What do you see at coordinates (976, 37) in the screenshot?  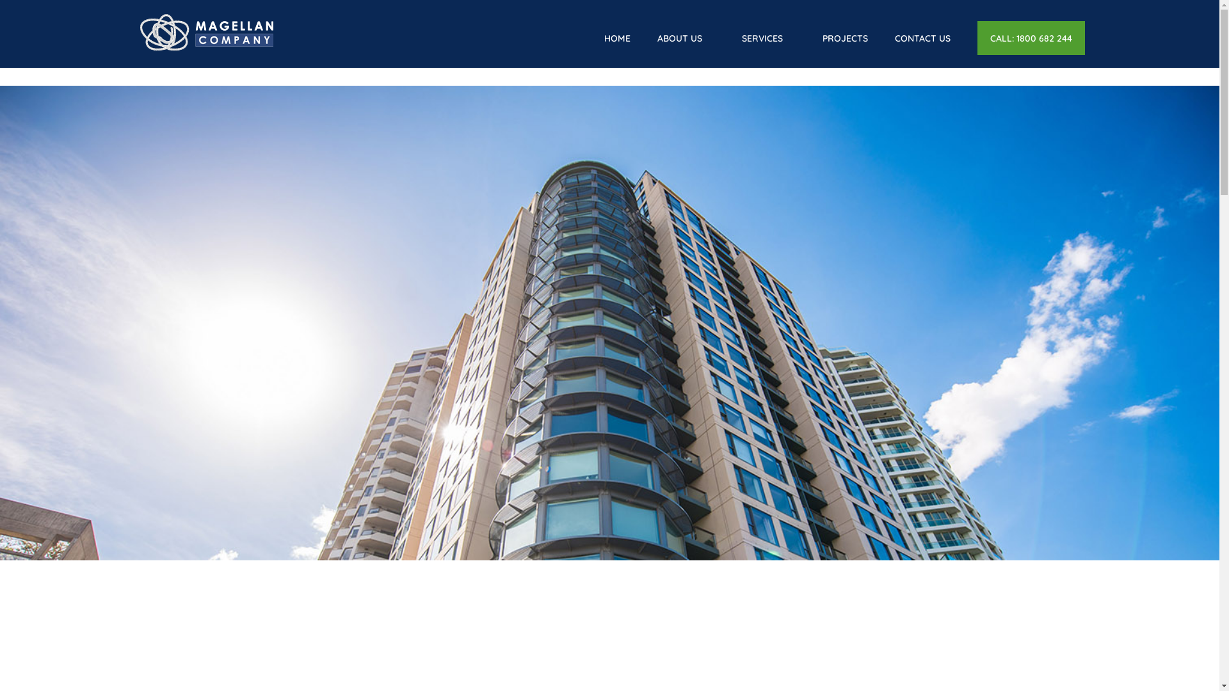 I see `'CALL: 1800 682 244'` at bounding box center [976, 37].